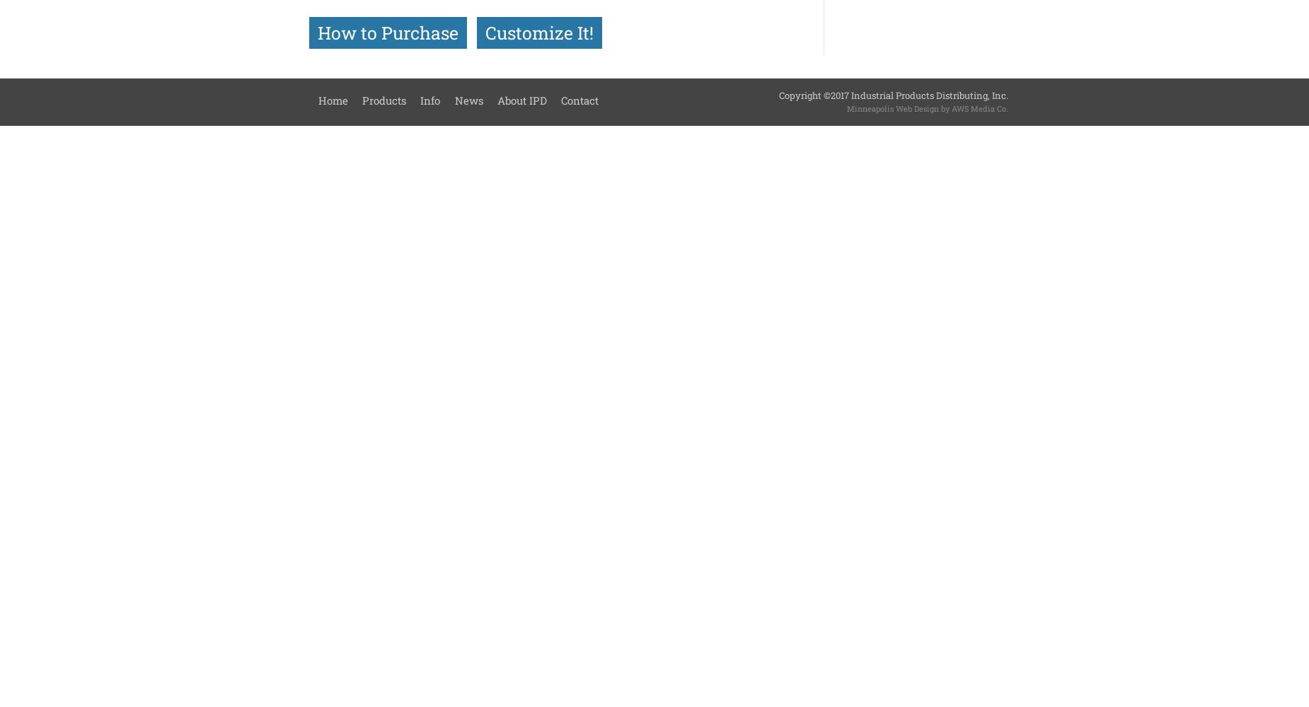 The image size is (1309, 707). What do you see at coordinates (892, 95) in the screenshot?
I see `'Copyright ©2017 Industrial Products Distributing, Inc.'` at bounding box center [892, 95].